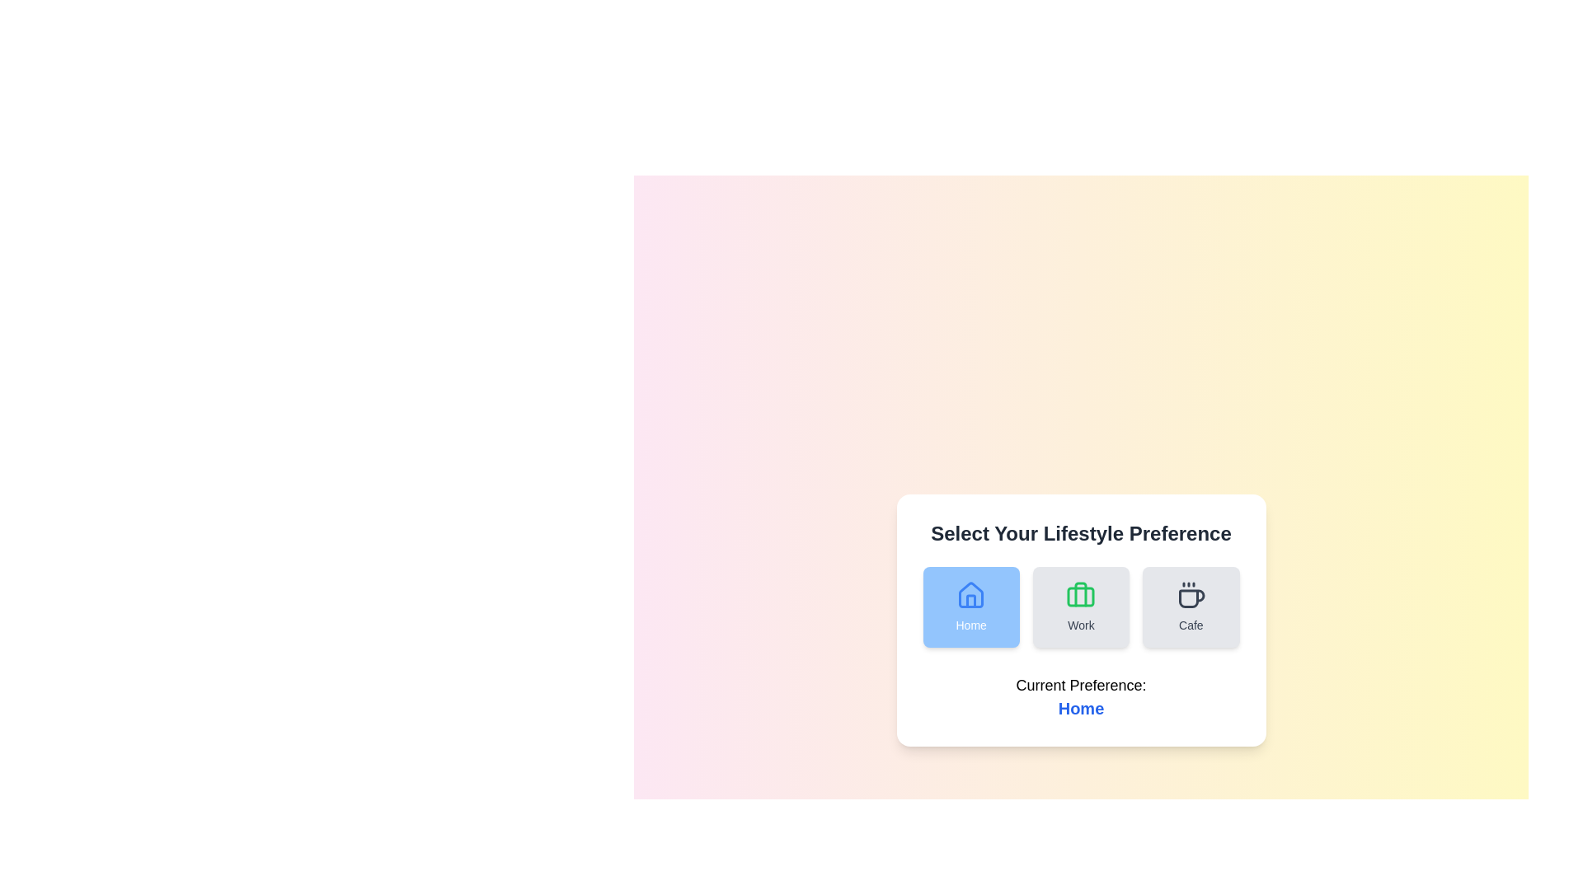  I want to click on the 'Home' lifestyle preference button, which is the leftmost option in a horizontal list of three buttons under the title 'Select Your Lifestyle Preference', so click(970, 607).